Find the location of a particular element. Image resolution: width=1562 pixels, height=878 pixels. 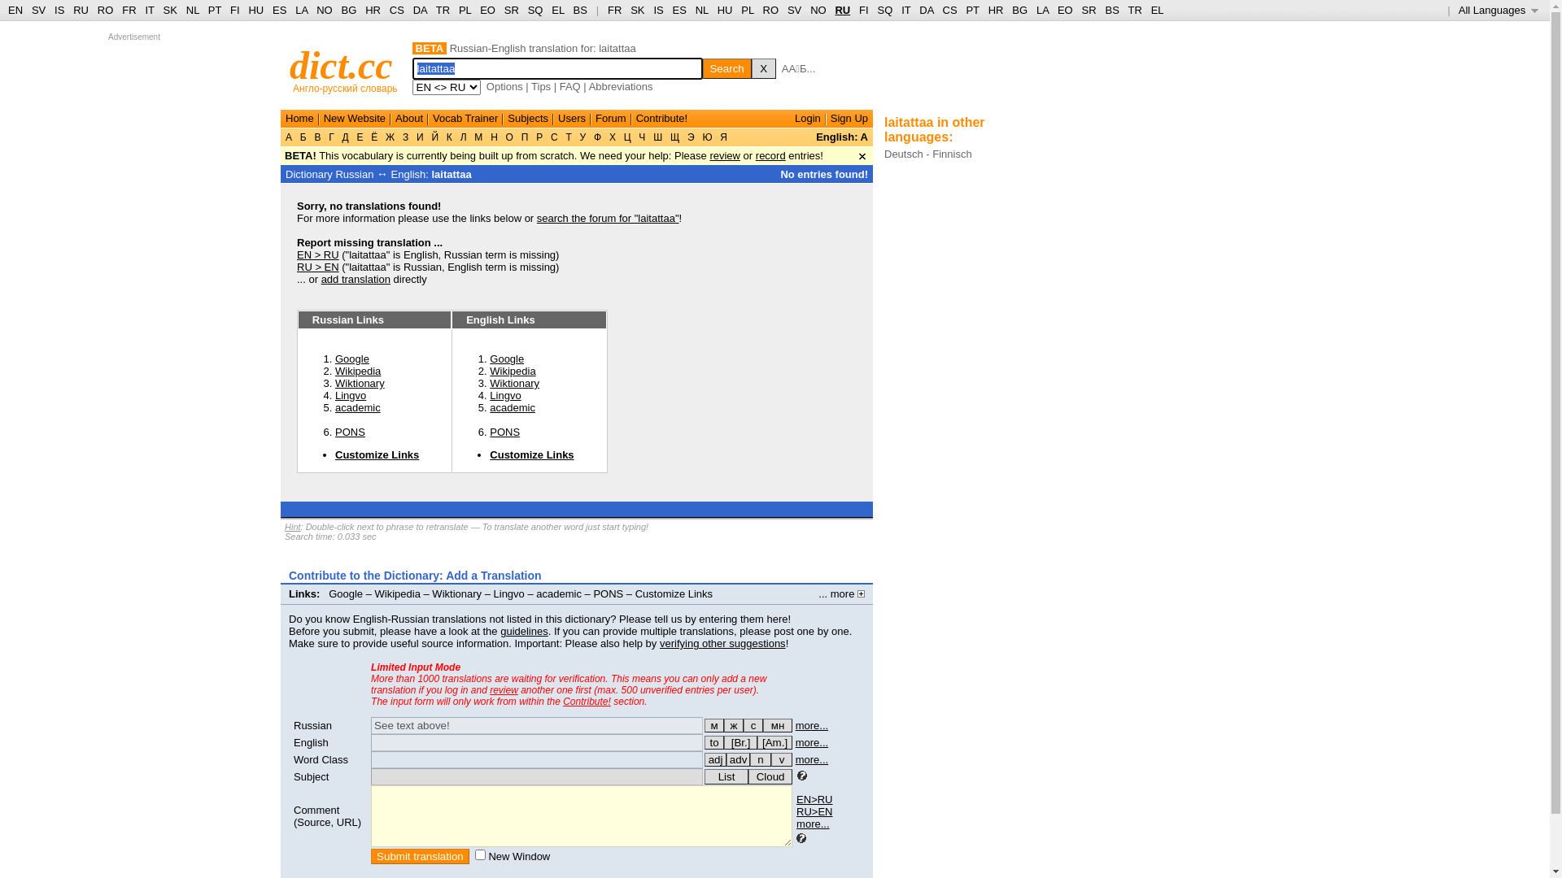

'HU' is located at coordinates (717, 10).